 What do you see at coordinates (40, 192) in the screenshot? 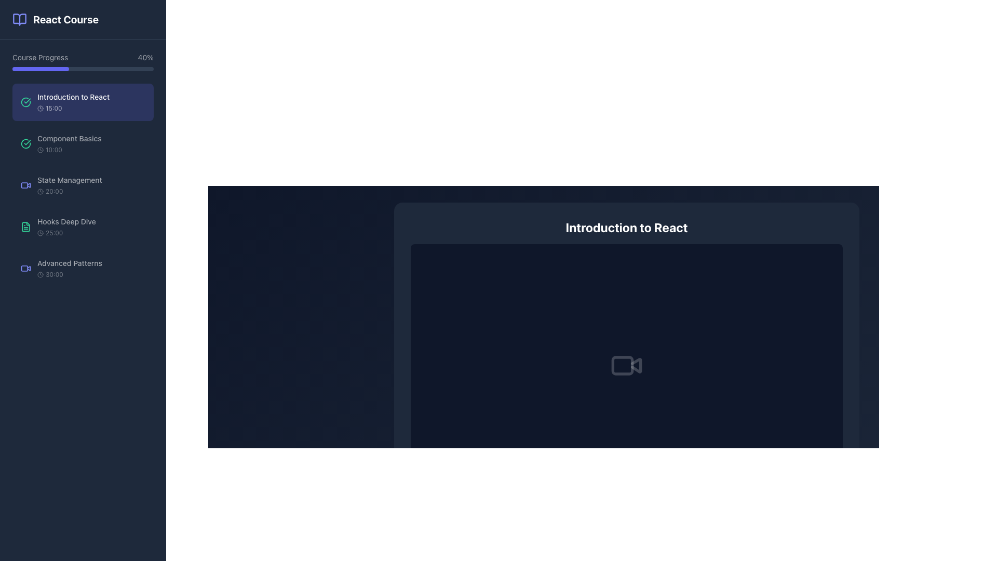
I see `the decorative SVG Circle that is part of the clock icon next to the 'State Management' label in the left panel of the course modules` at bounding box center [40, 192].